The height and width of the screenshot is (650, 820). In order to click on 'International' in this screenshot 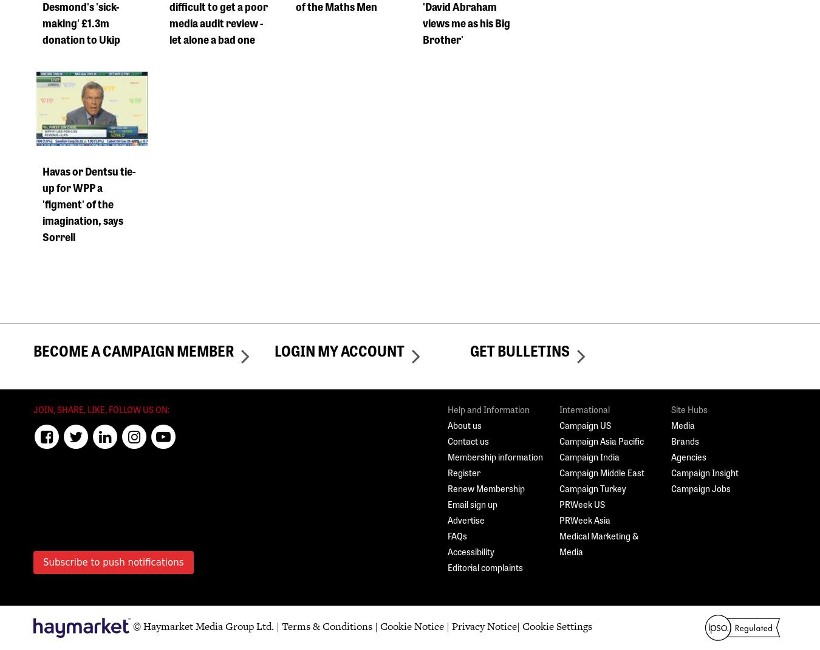, I will do `click(584, 409)`.